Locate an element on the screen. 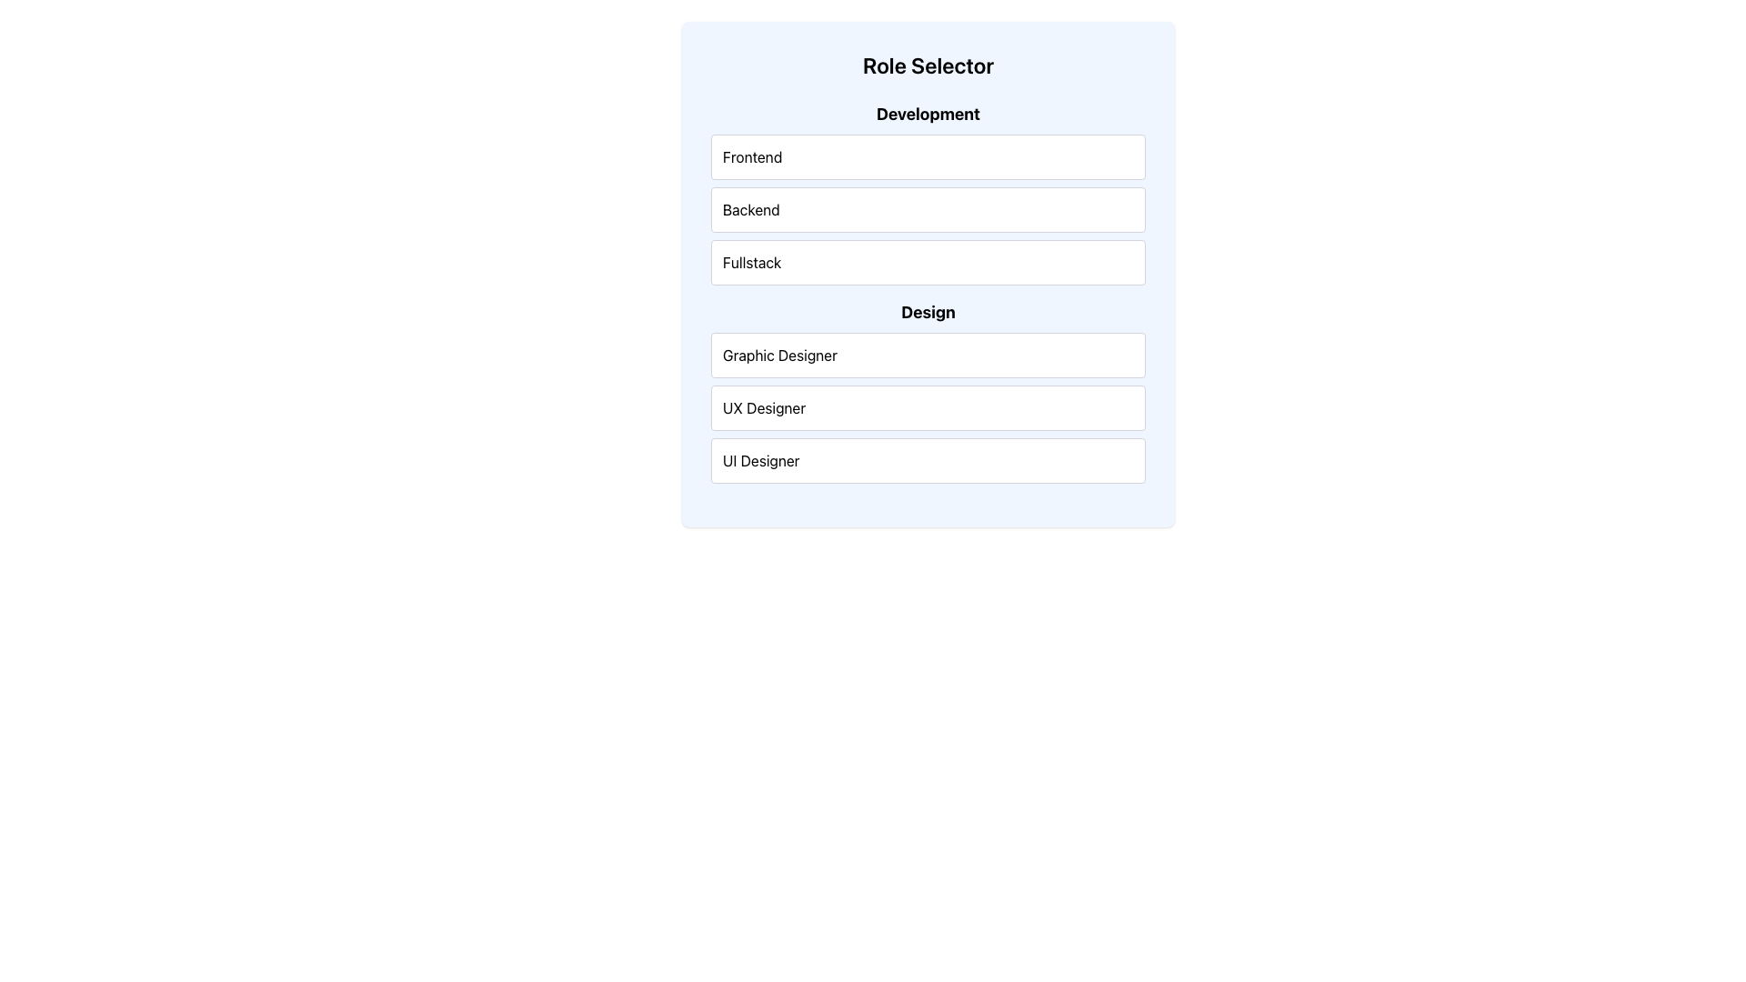  the selectable option button for the 'Backend' role, located in the 'Development' section, which is the second box in a vertical list of three options is located at coordinates (928, 209).